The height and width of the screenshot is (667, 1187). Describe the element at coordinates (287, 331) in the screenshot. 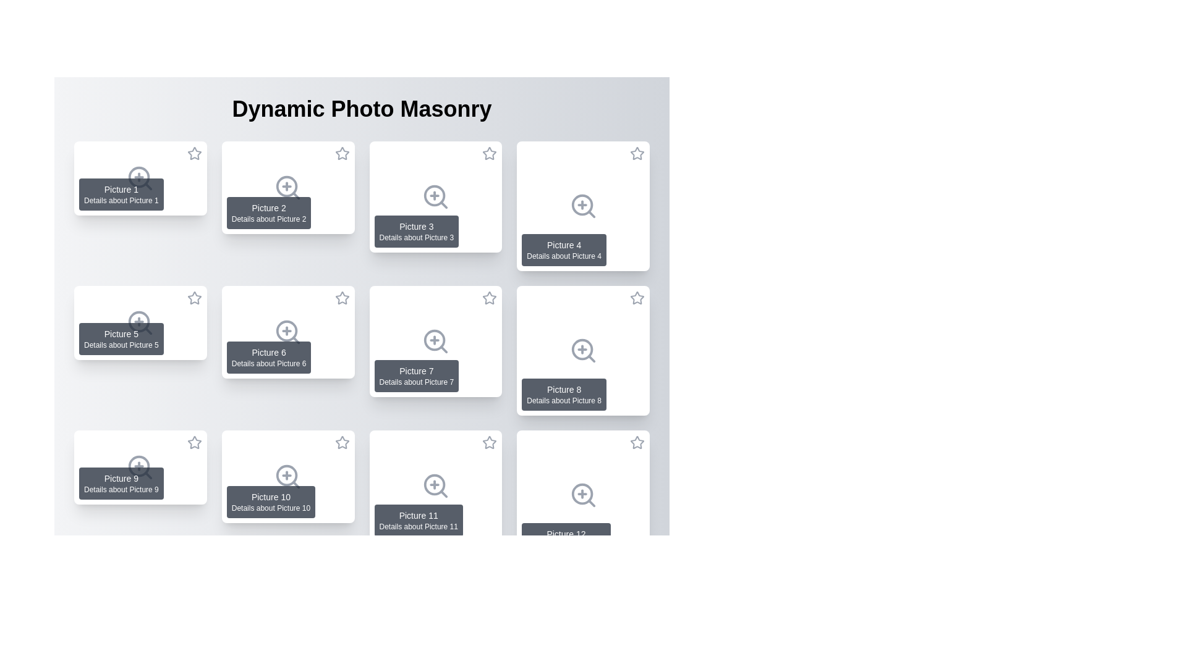

I see `the magnifying glass icon with a plus symbol inside it, which represents the zoom-in functionality, positioned centrally in the box labeled 'Picture 6' above the details bar` at that location.